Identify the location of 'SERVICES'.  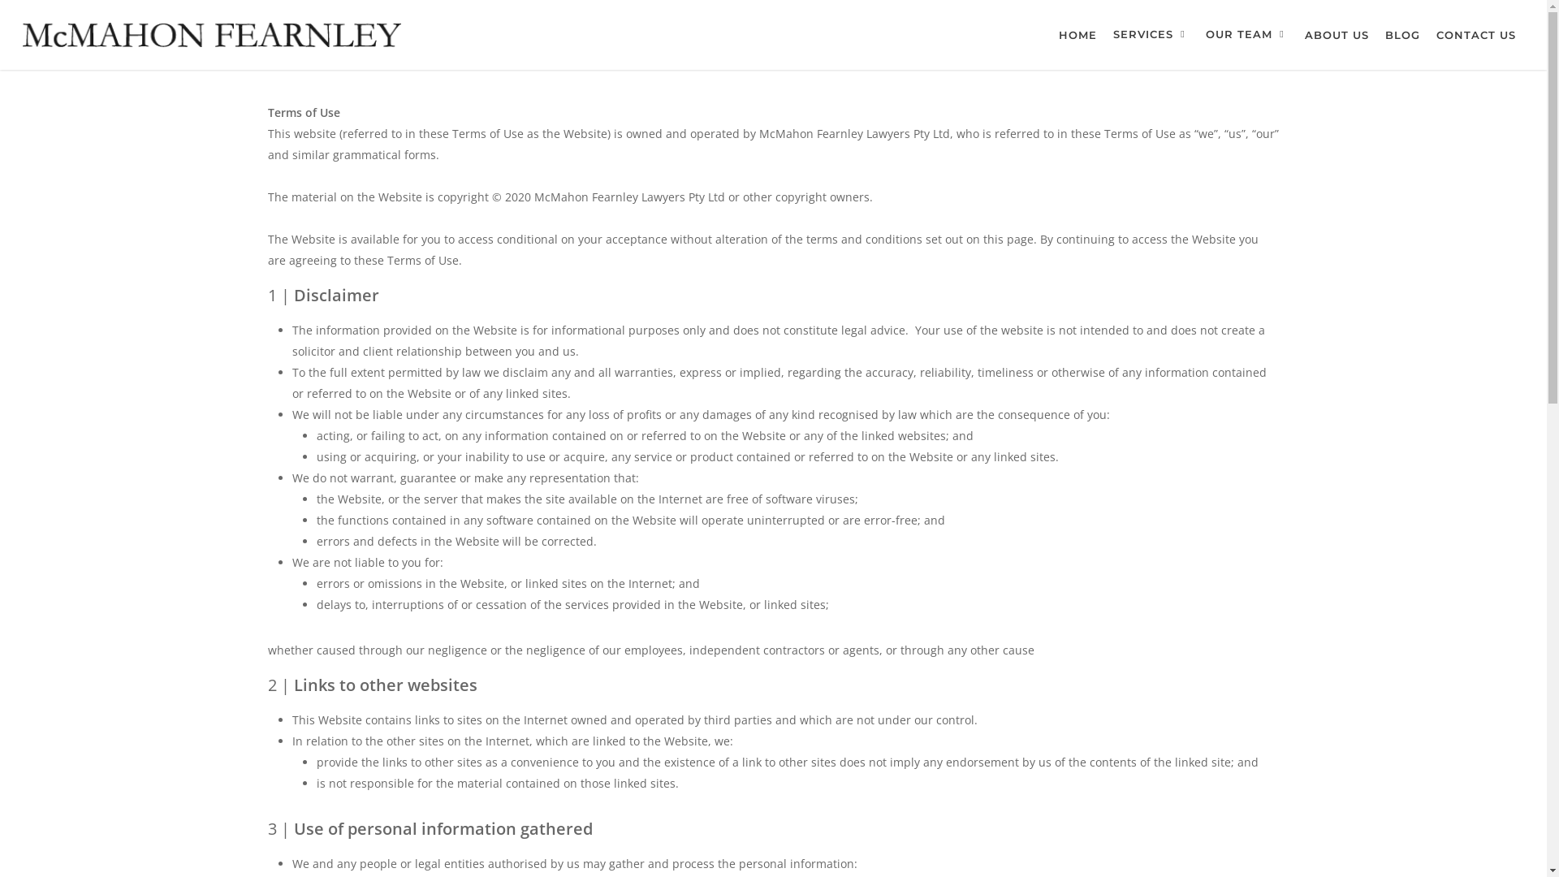
(1150, 34).